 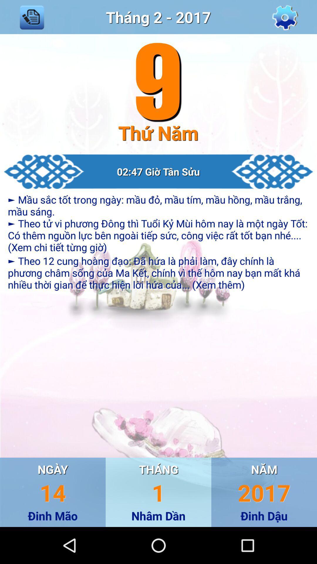 I want to click on the description icon, so click(x=32, y=18).